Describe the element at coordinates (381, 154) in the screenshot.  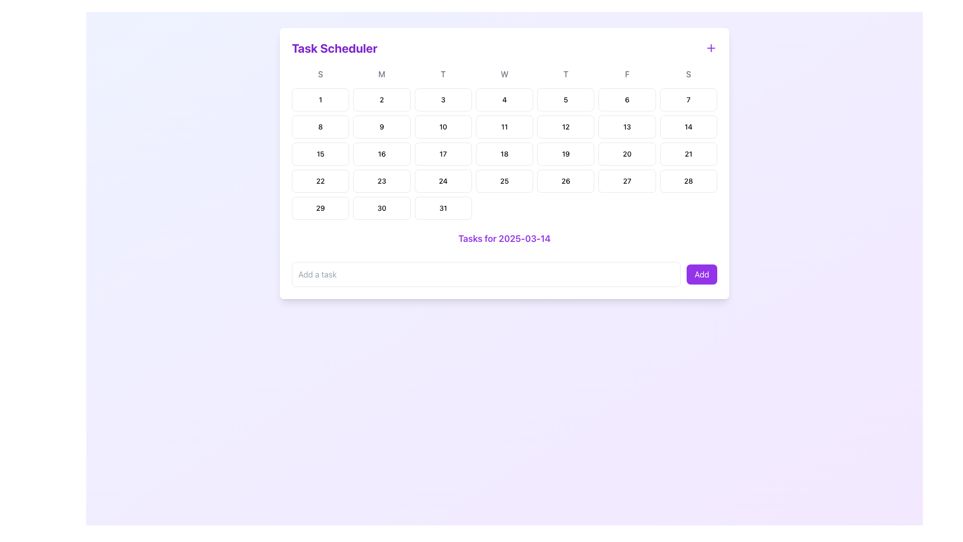
I see `the button labeled '16' located in the third row and second column of the calendar grid` at that location.